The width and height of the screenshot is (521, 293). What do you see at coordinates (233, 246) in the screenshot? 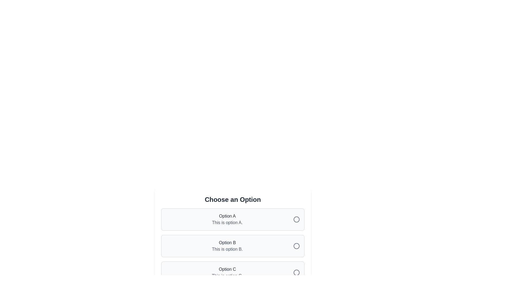
I see `the selectable option for 'Option B', which is styled as a rectangle with rounded corners and contains the text 'Option B' and 'This is option B.'` at bounding box center [233, 246].